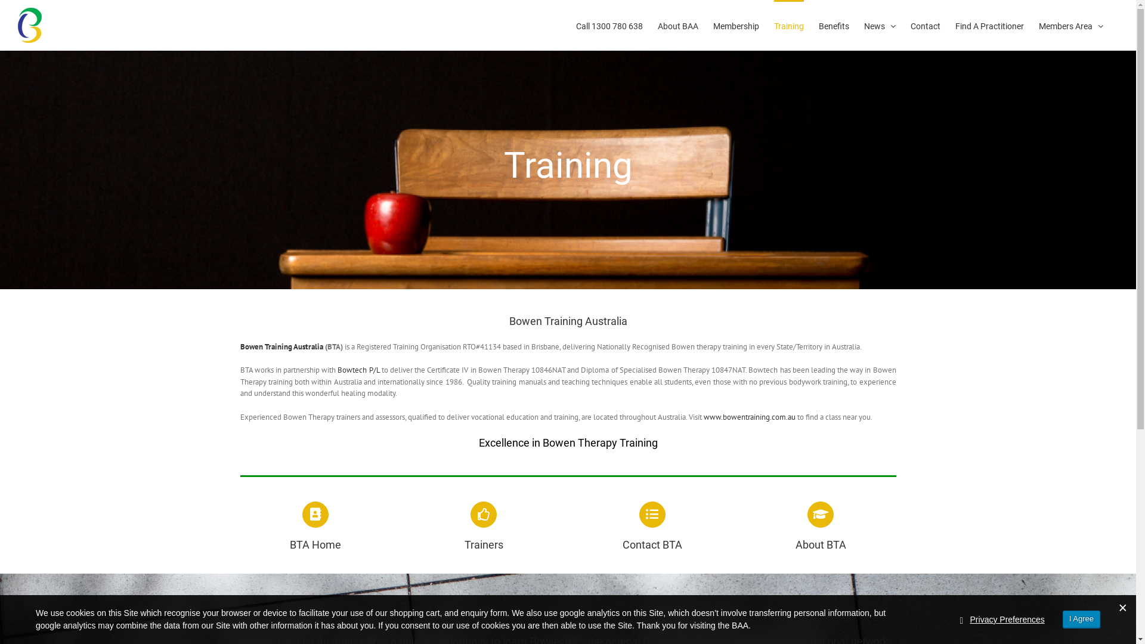 The width and height of the screenshot is (1145, 644). I want to click on 'www.bowentraining.com.au', so click(704, 416).